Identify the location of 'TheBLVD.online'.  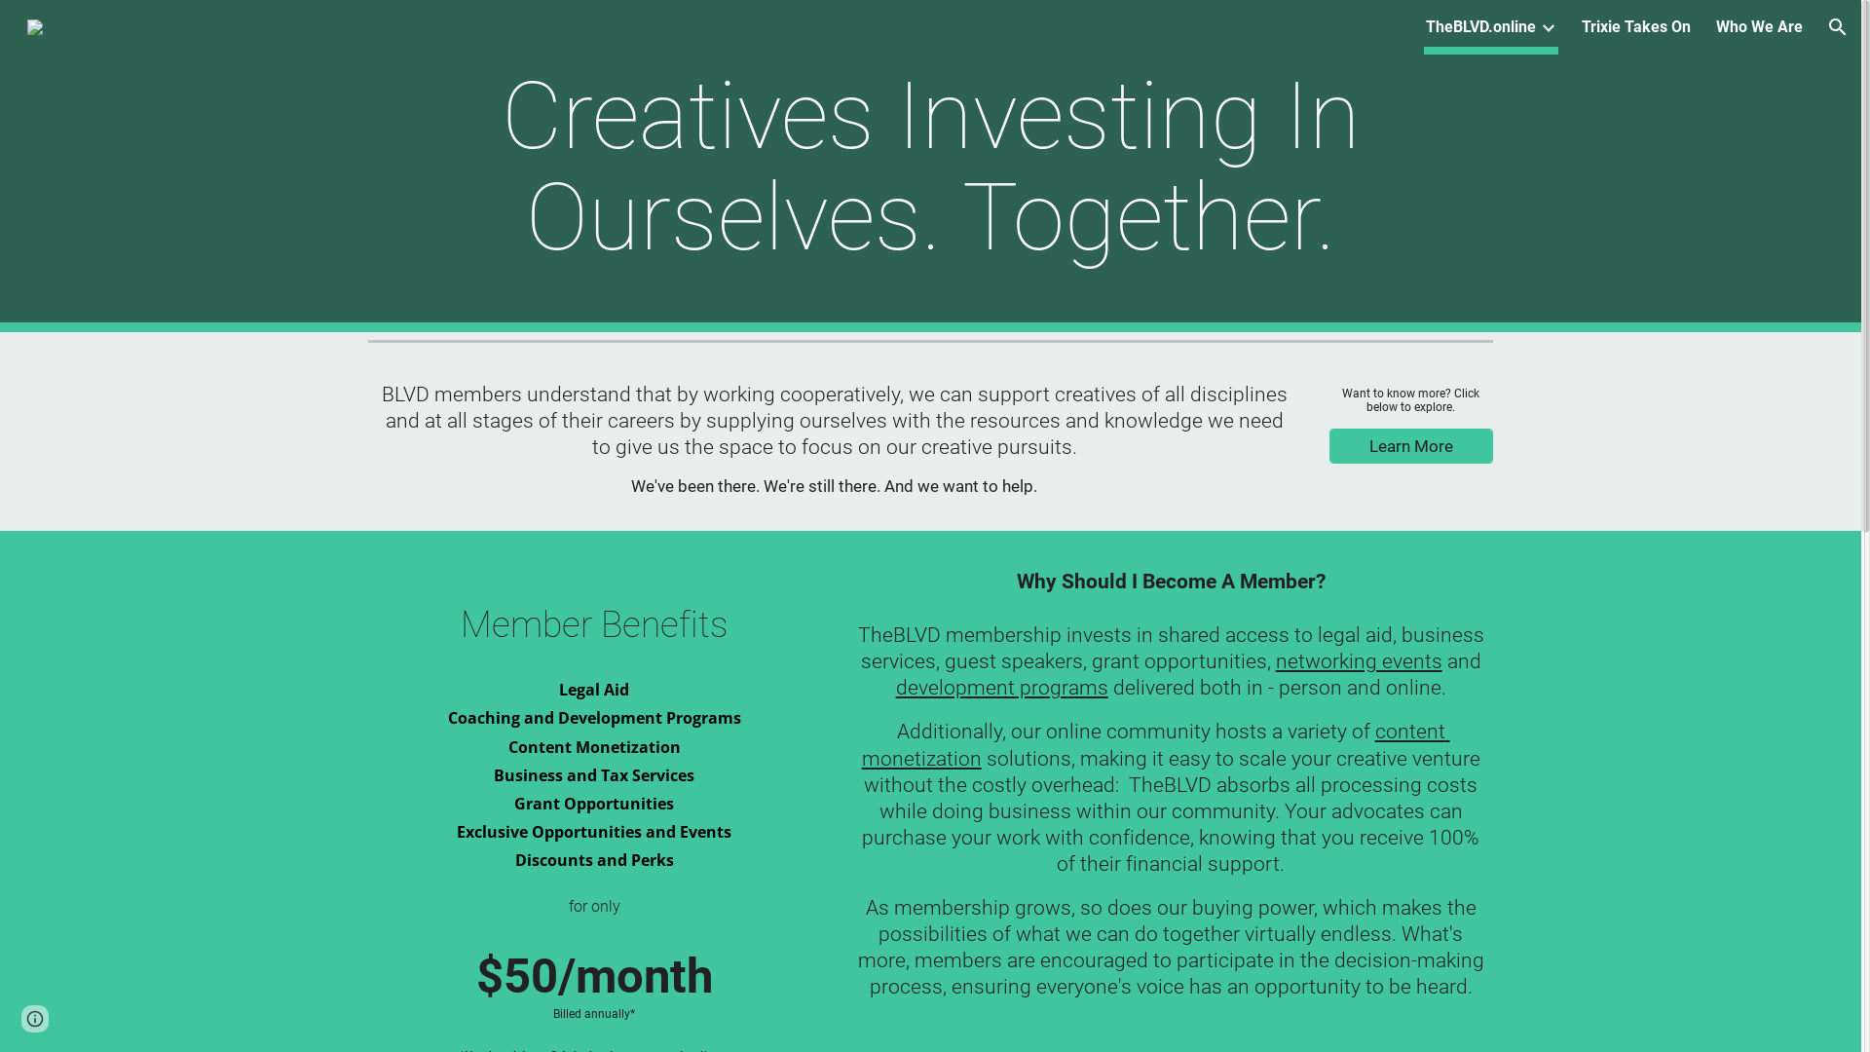
(1480, 26).